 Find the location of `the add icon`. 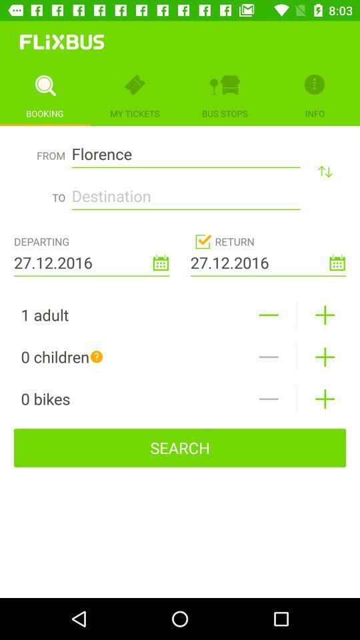

the add icon is located at coordinates (324, 356).